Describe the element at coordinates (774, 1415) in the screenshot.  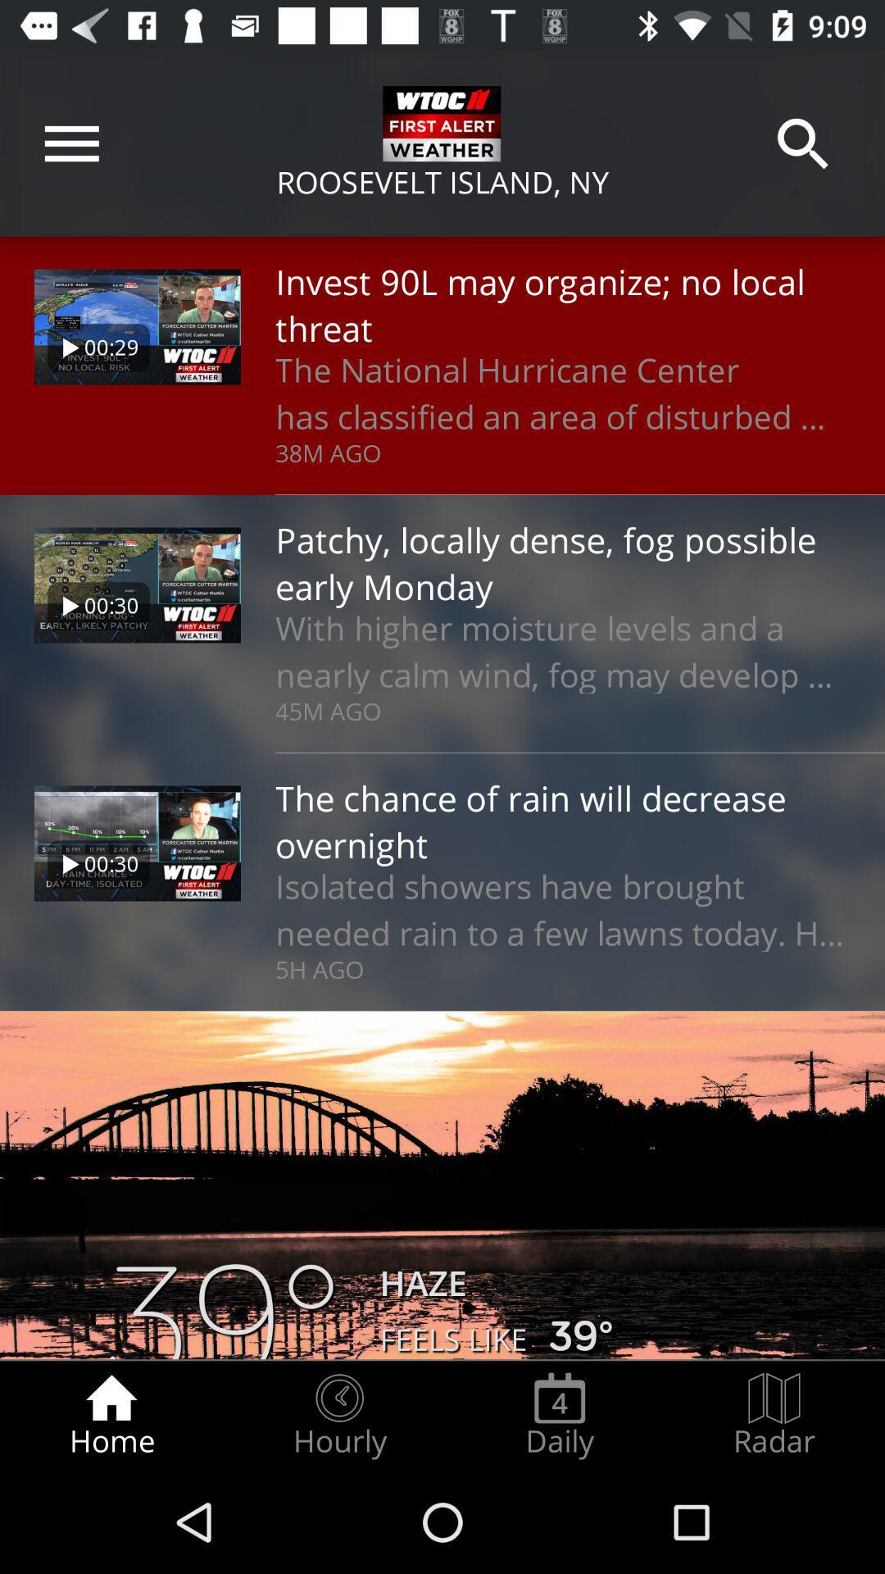
I see `item to the right of the daily icon` at that location.